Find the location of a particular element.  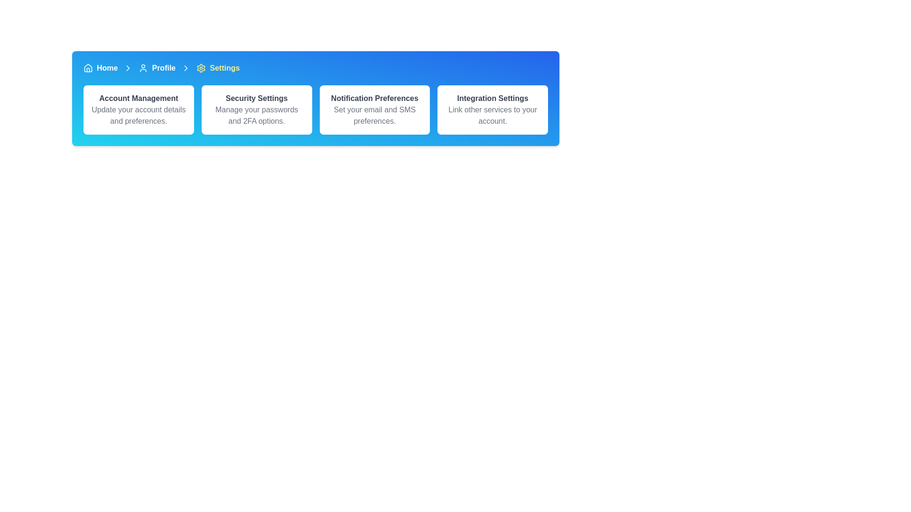

the informational box that summarizes notification settings options is located at coordinates (374, 109).